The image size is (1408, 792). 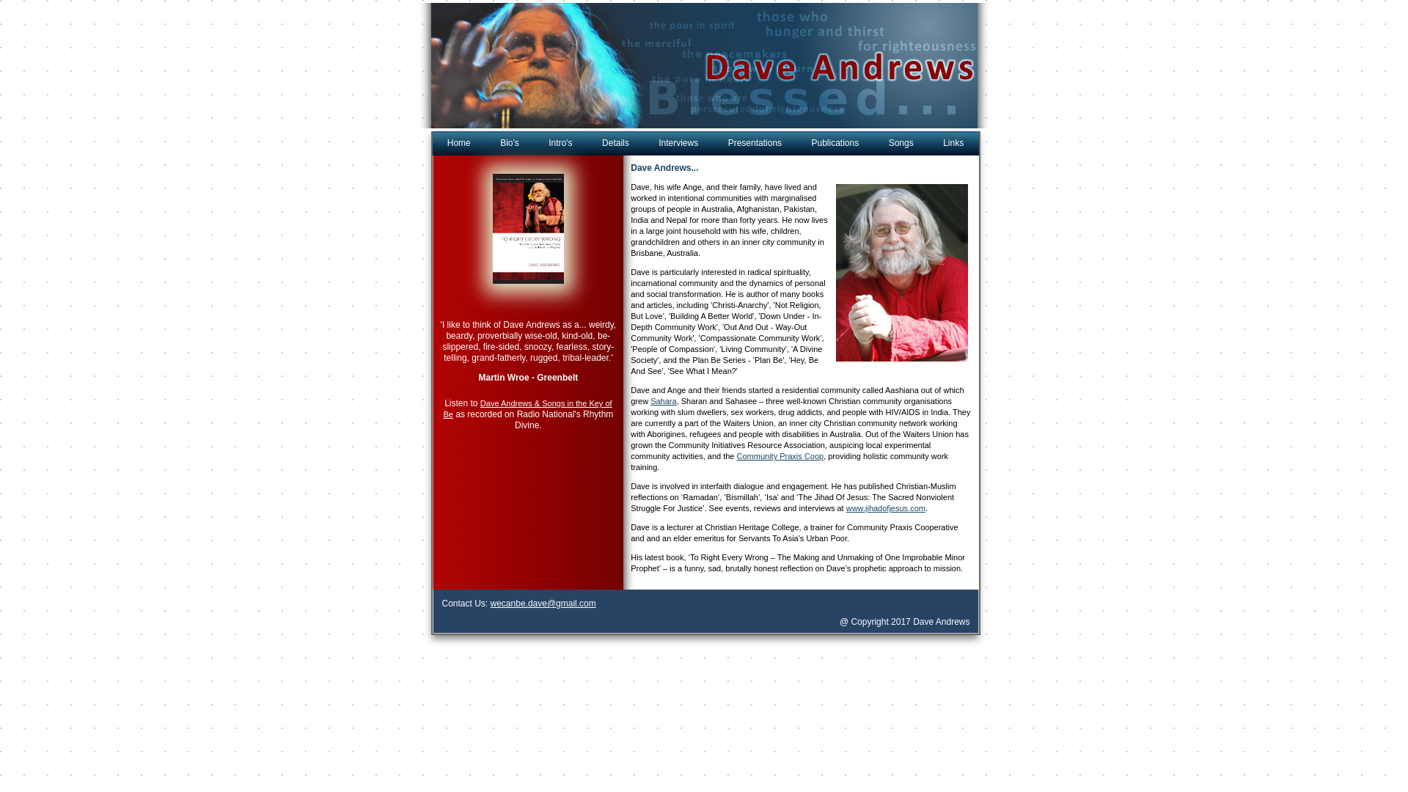 What do you see at coordinates (885, 507) in the screenshot?
I see `'www.jihadofjesus.com'` at bounding box center [885, 507].